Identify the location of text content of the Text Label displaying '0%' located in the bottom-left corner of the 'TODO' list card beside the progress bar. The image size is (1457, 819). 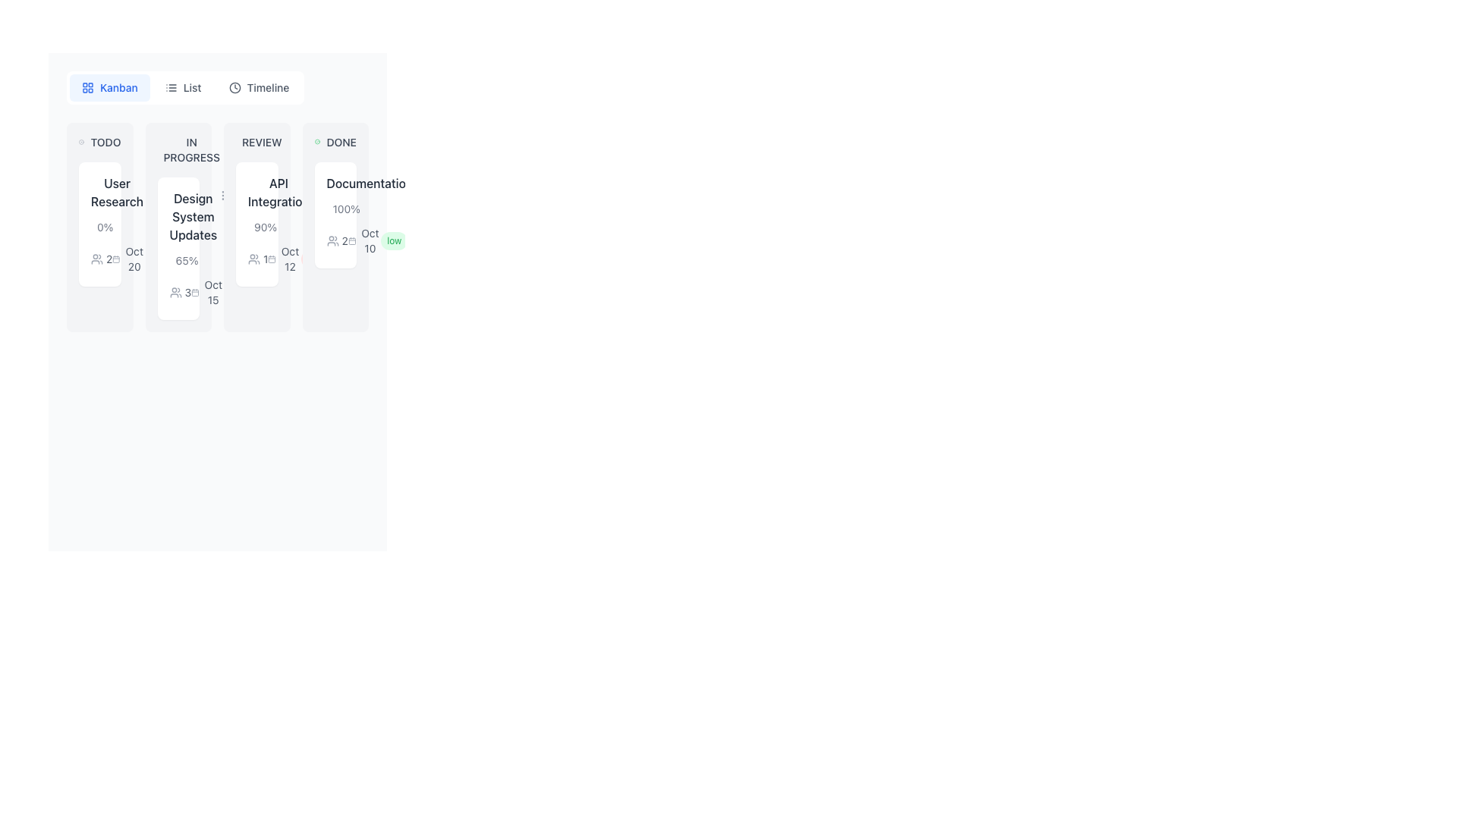
(104, 227).